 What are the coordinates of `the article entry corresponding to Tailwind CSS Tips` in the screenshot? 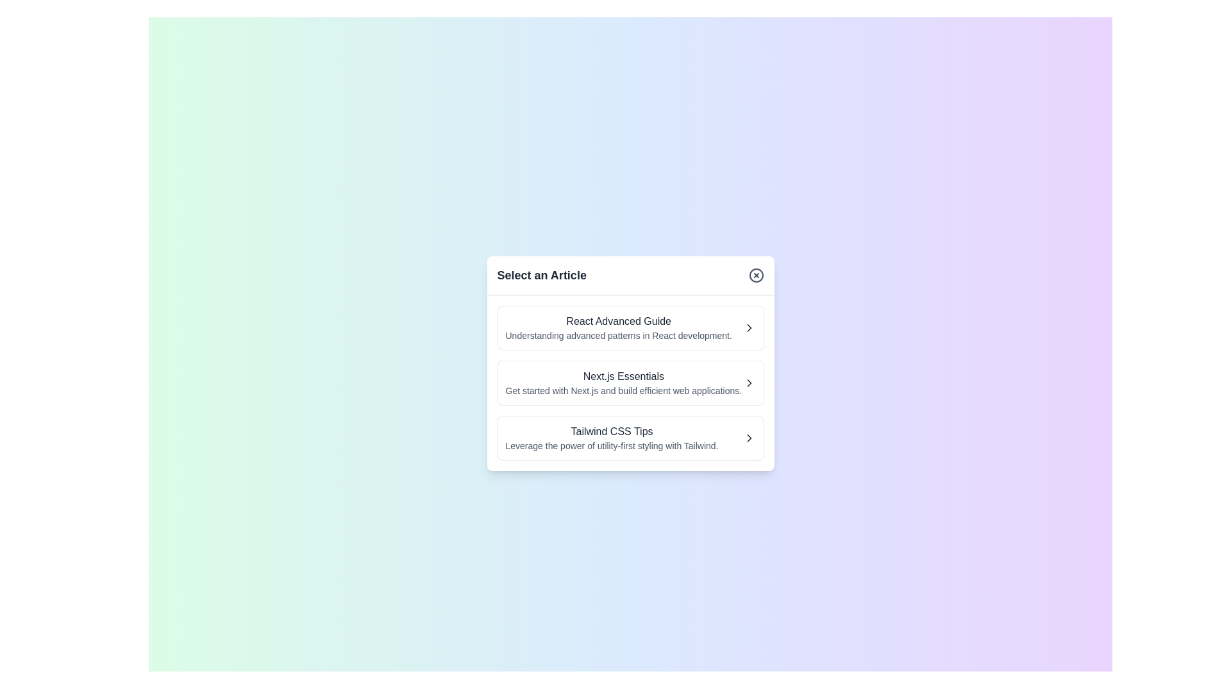 It's located at (630, 437).